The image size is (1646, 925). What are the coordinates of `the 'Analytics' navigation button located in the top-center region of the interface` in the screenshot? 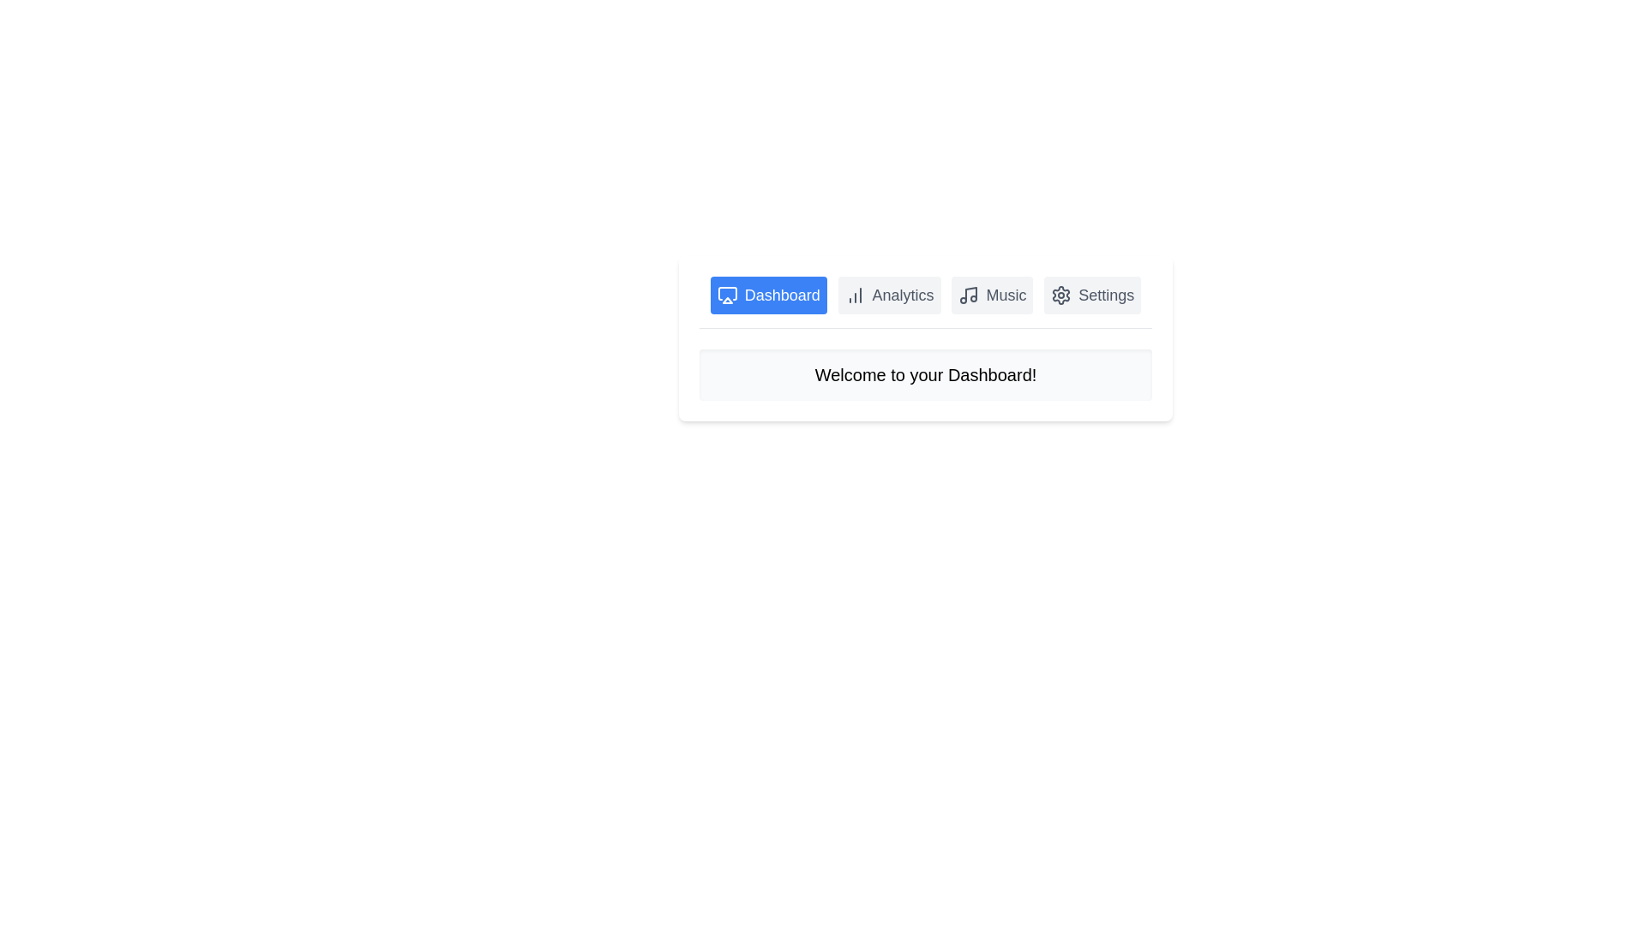 It's located at (889, 294).